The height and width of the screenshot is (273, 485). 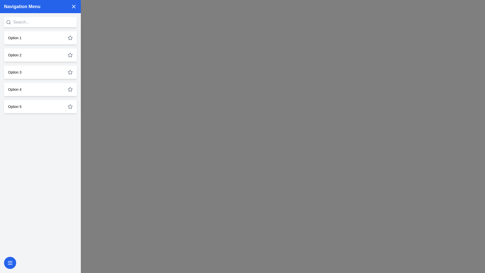 What do you see at coordinates (8, 22) in the screenshot?
I see `the circular lens of the magnifying glass icon located at the top-left of the navigation header, which symbolizes search functionality in the application` at bounding box center [8, 22].